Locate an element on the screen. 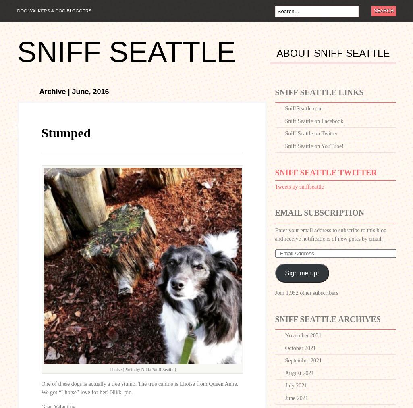 The width and height of the screenshot is (413, 408). 'August 2021' is located at coordinates (299, 373).